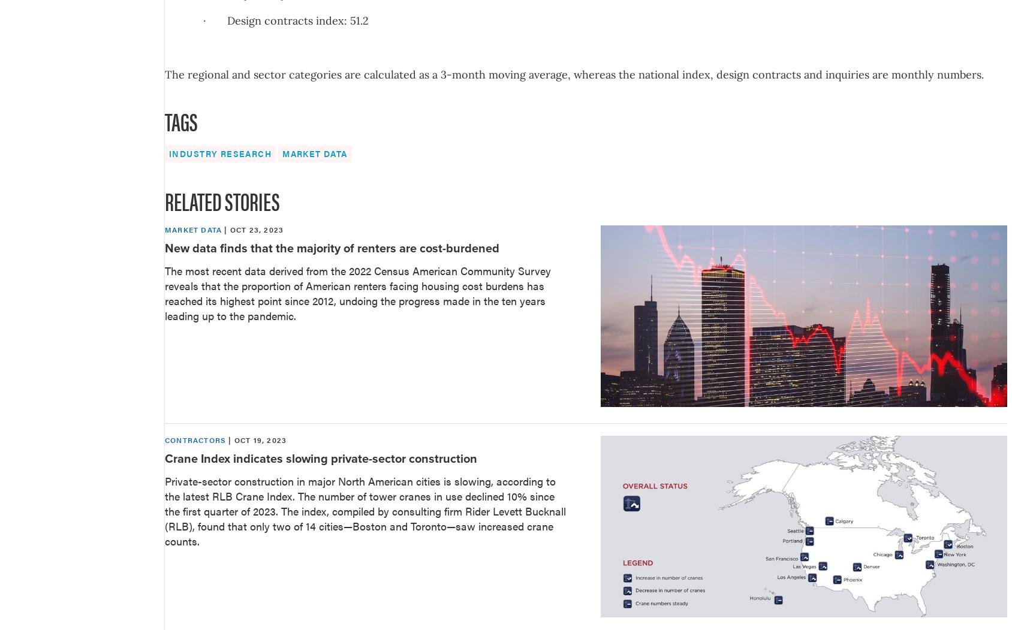 The height and width of the screenshot is (630, 1012). I want to click on 'Contractors', so click(195, 440).